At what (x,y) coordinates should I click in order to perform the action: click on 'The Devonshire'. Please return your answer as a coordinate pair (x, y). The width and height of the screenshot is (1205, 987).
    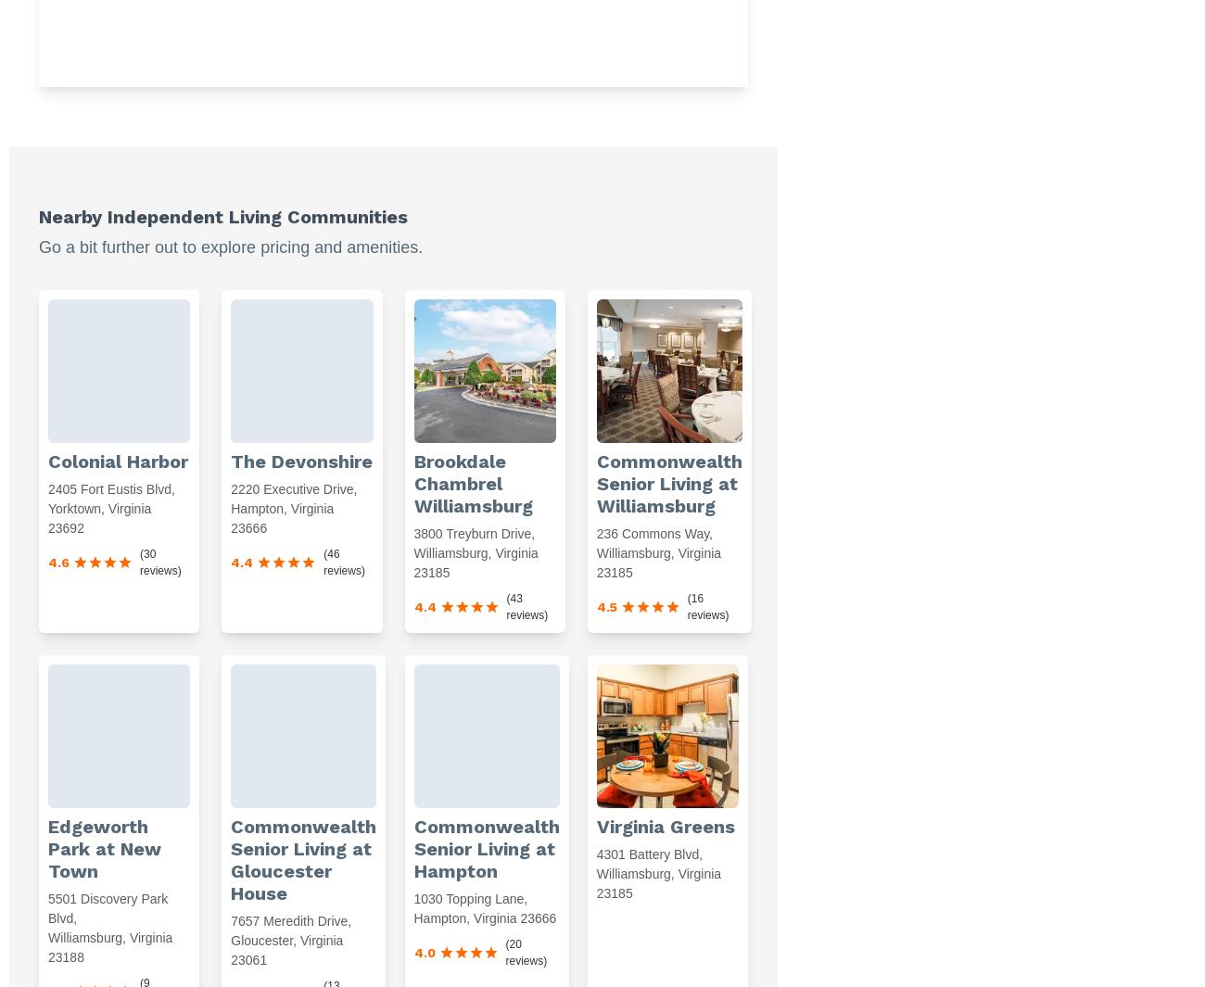
    Looking at the image, I should click on (301, 460).